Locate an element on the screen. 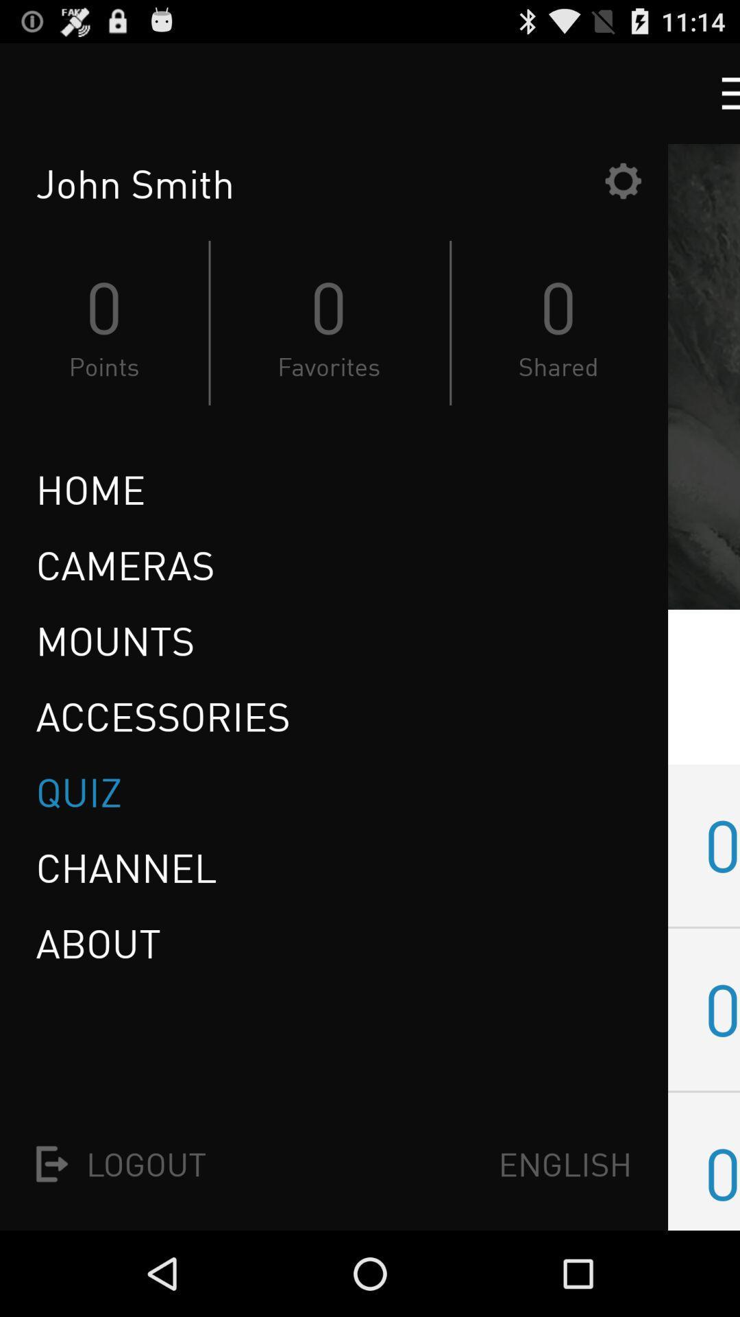 This screenshot has height=1317, width=740. settings is located at coordinates (623, 180).